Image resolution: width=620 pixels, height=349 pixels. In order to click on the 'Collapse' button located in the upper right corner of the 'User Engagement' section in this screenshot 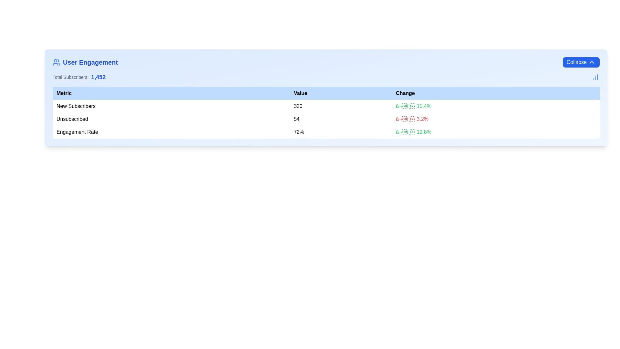, I will do `click(581, 62)`.